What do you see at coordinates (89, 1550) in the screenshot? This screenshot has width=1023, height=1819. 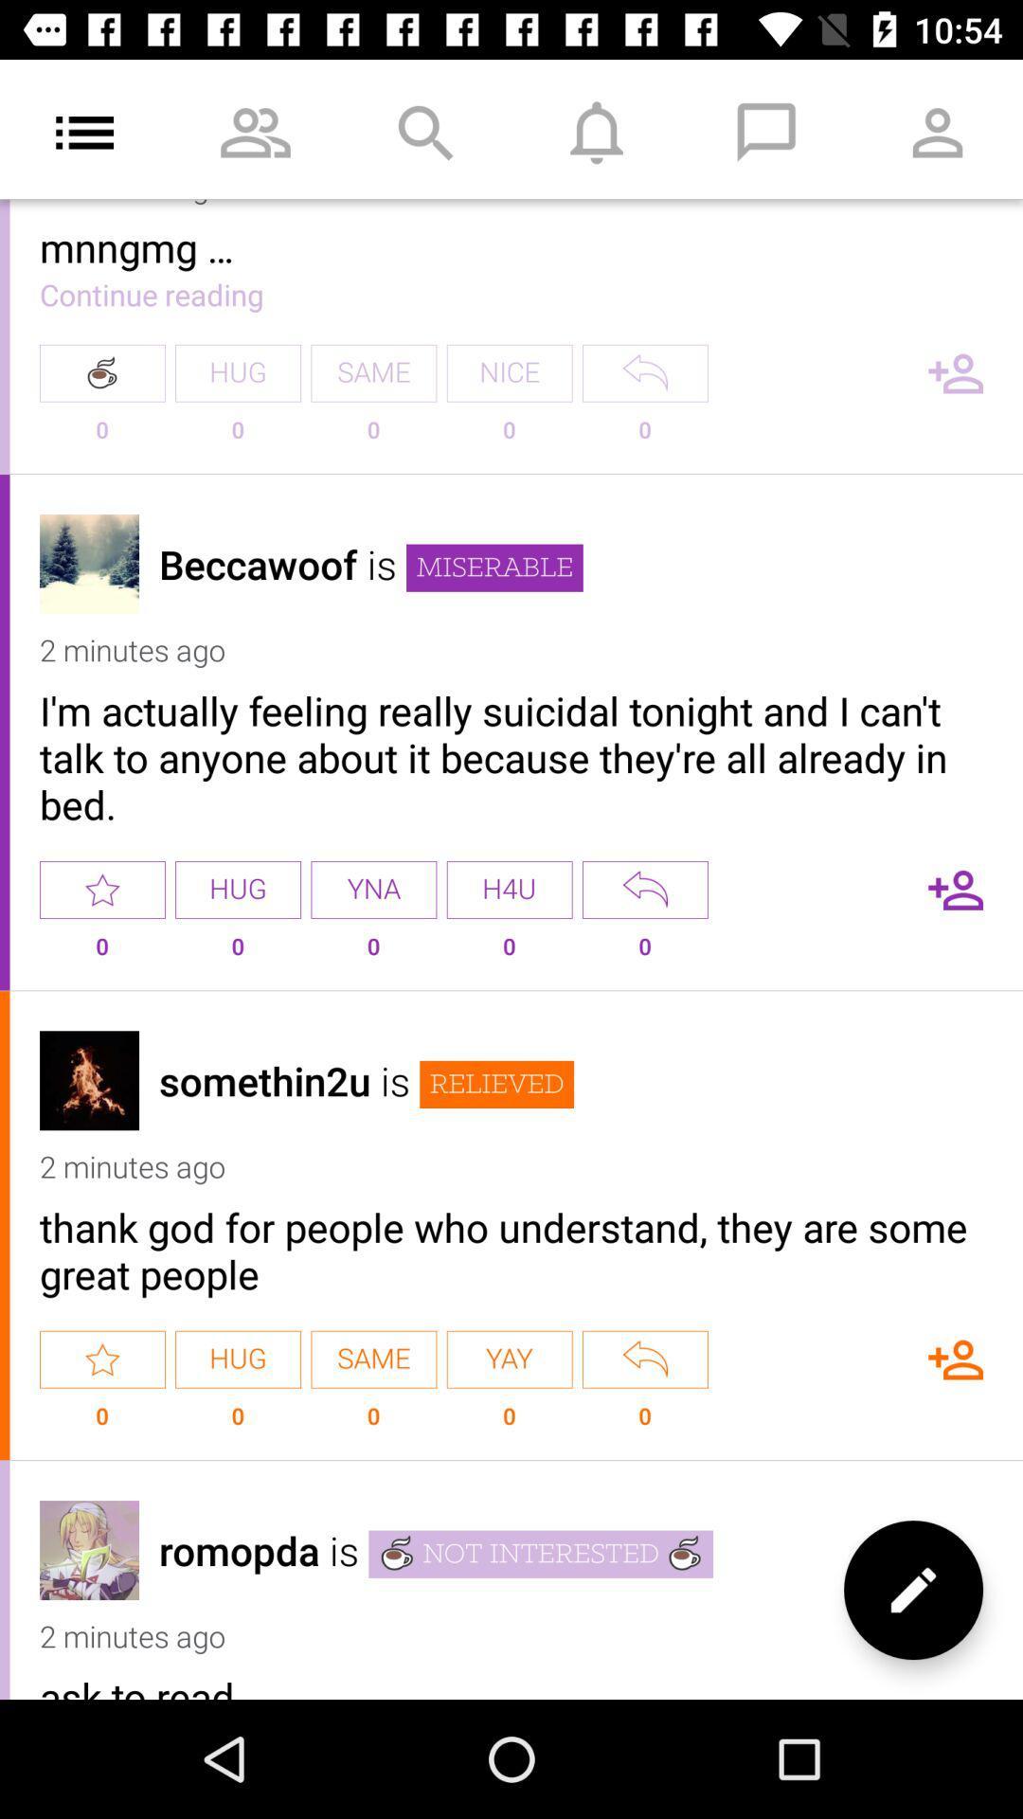 I see `profile` at bounding box center [89, 1550].